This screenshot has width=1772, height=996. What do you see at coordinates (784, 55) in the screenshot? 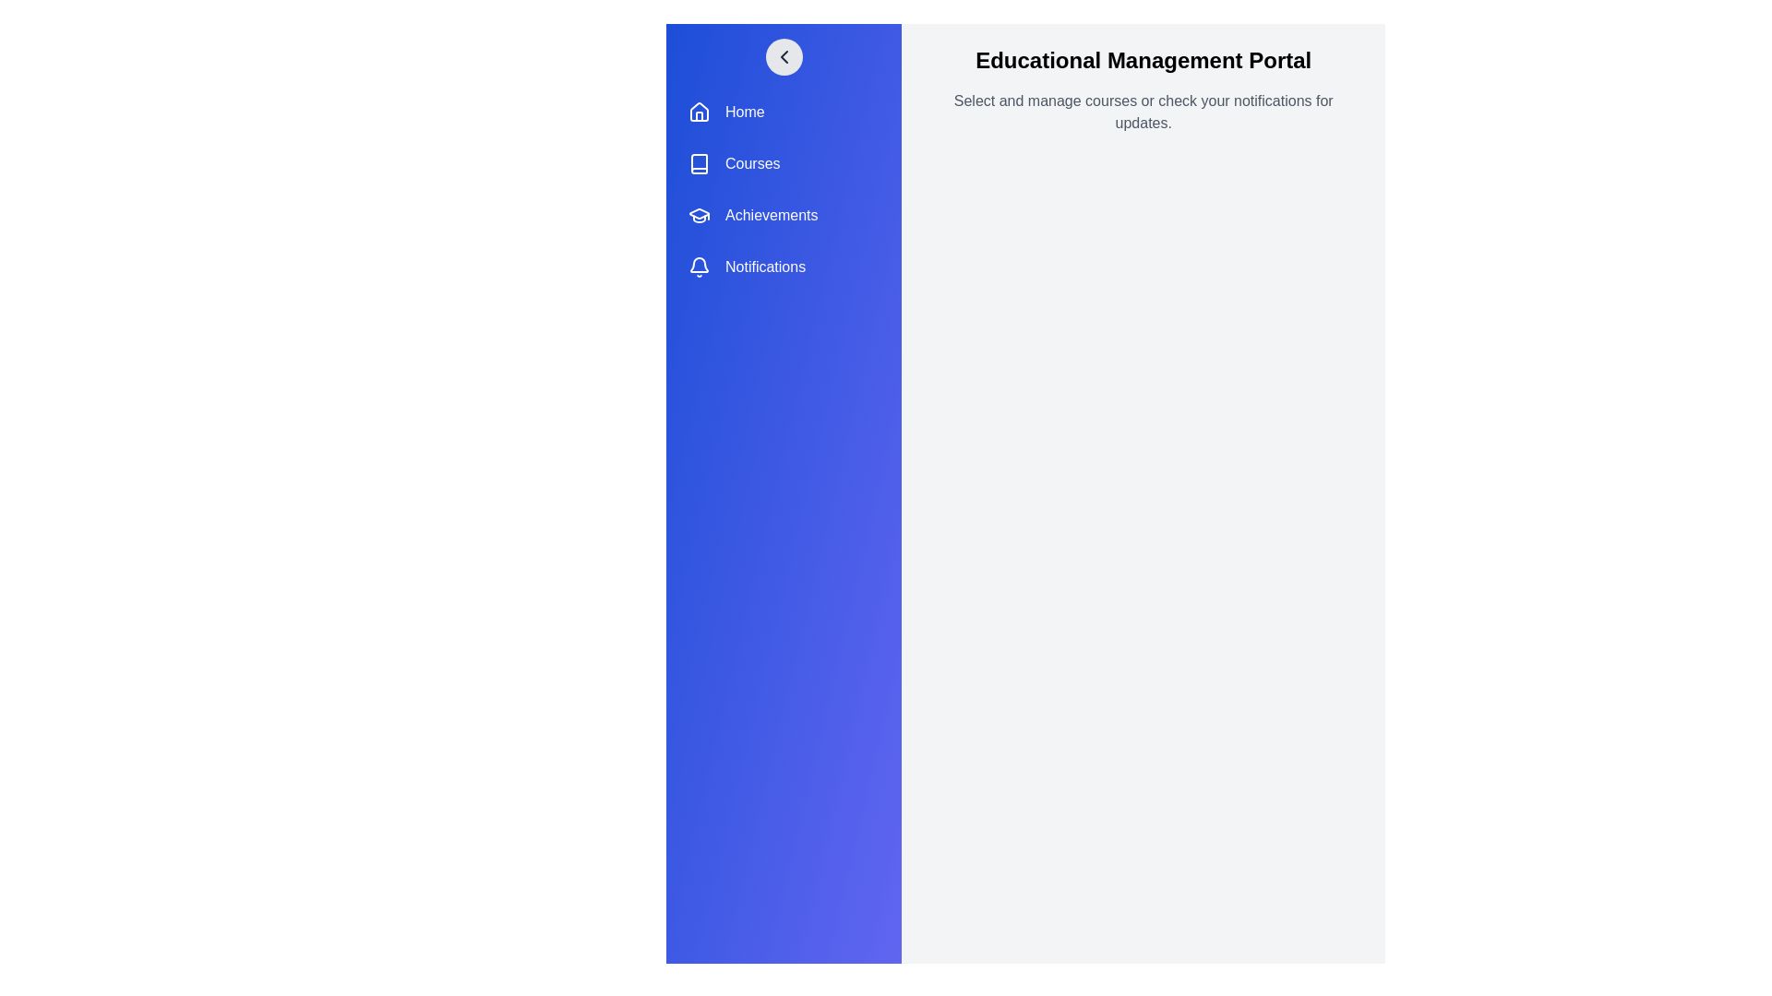
I see `toggle button in the sidebar to change its visibility` at bounding box center [784, 55].